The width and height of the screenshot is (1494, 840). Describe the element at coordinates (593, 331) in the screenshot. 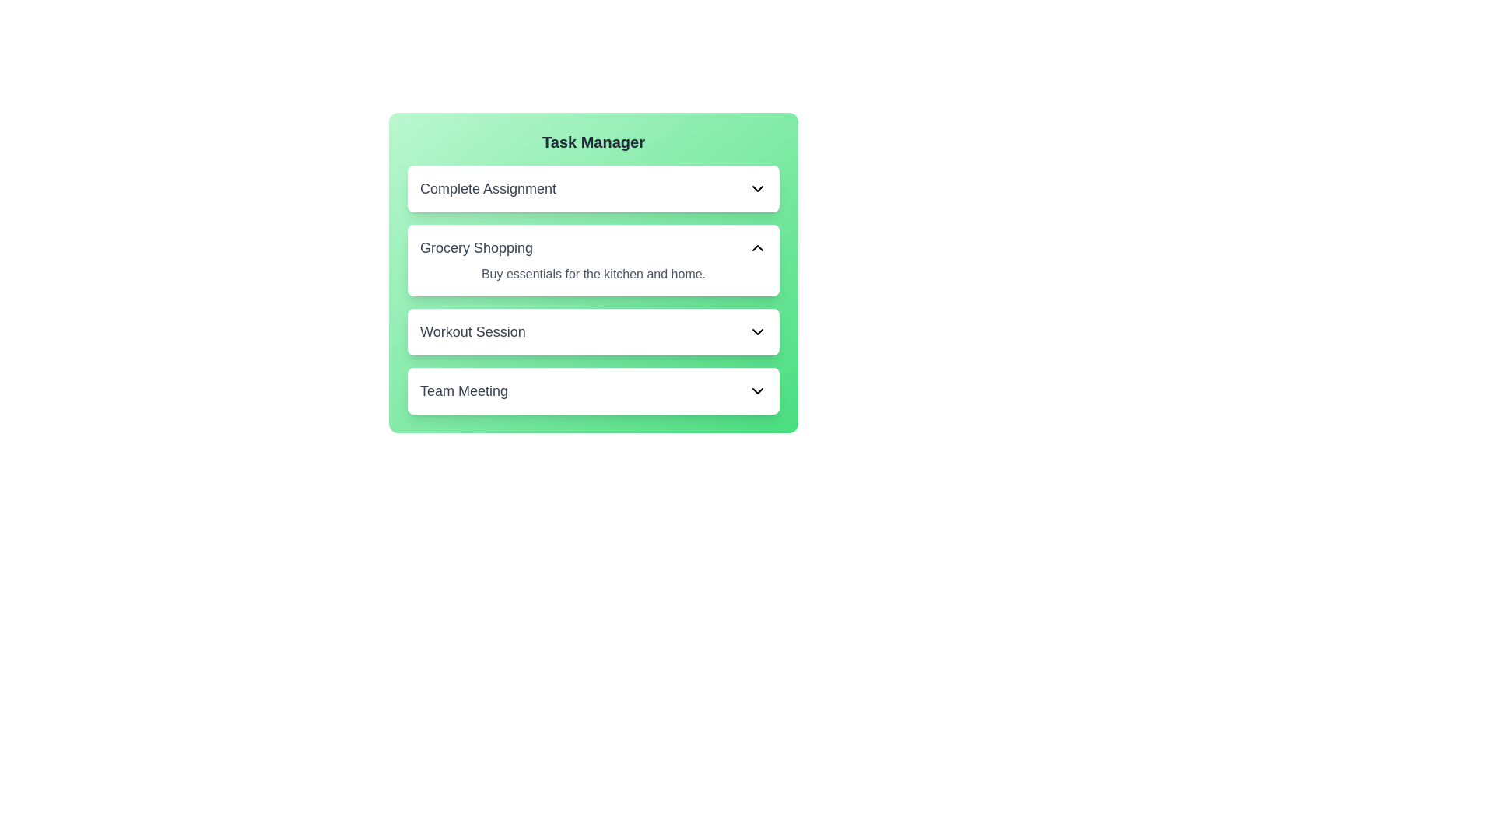

I see `the task card with title Workout Session` at that location.